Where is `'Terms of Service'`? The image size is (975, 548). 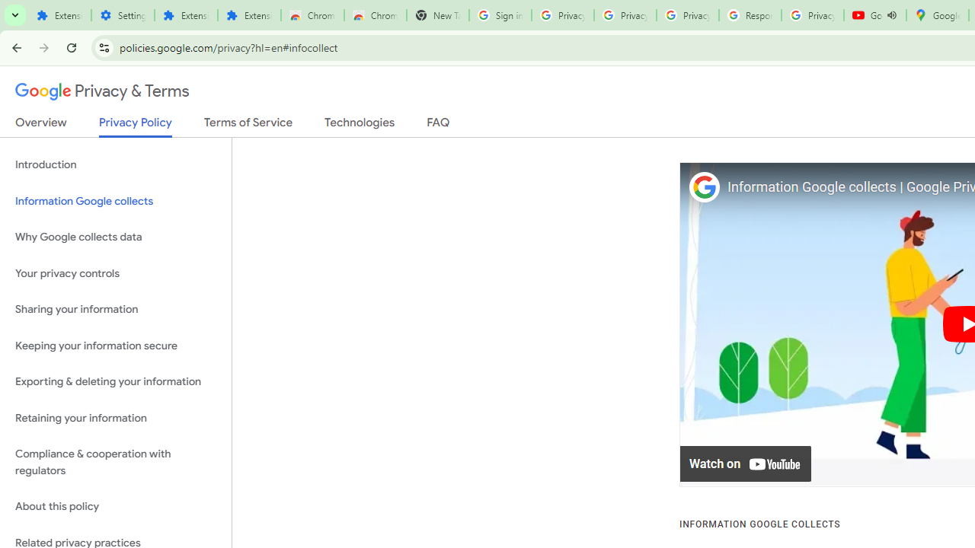
'Terms of Service' is located at coordinates (248, 125).